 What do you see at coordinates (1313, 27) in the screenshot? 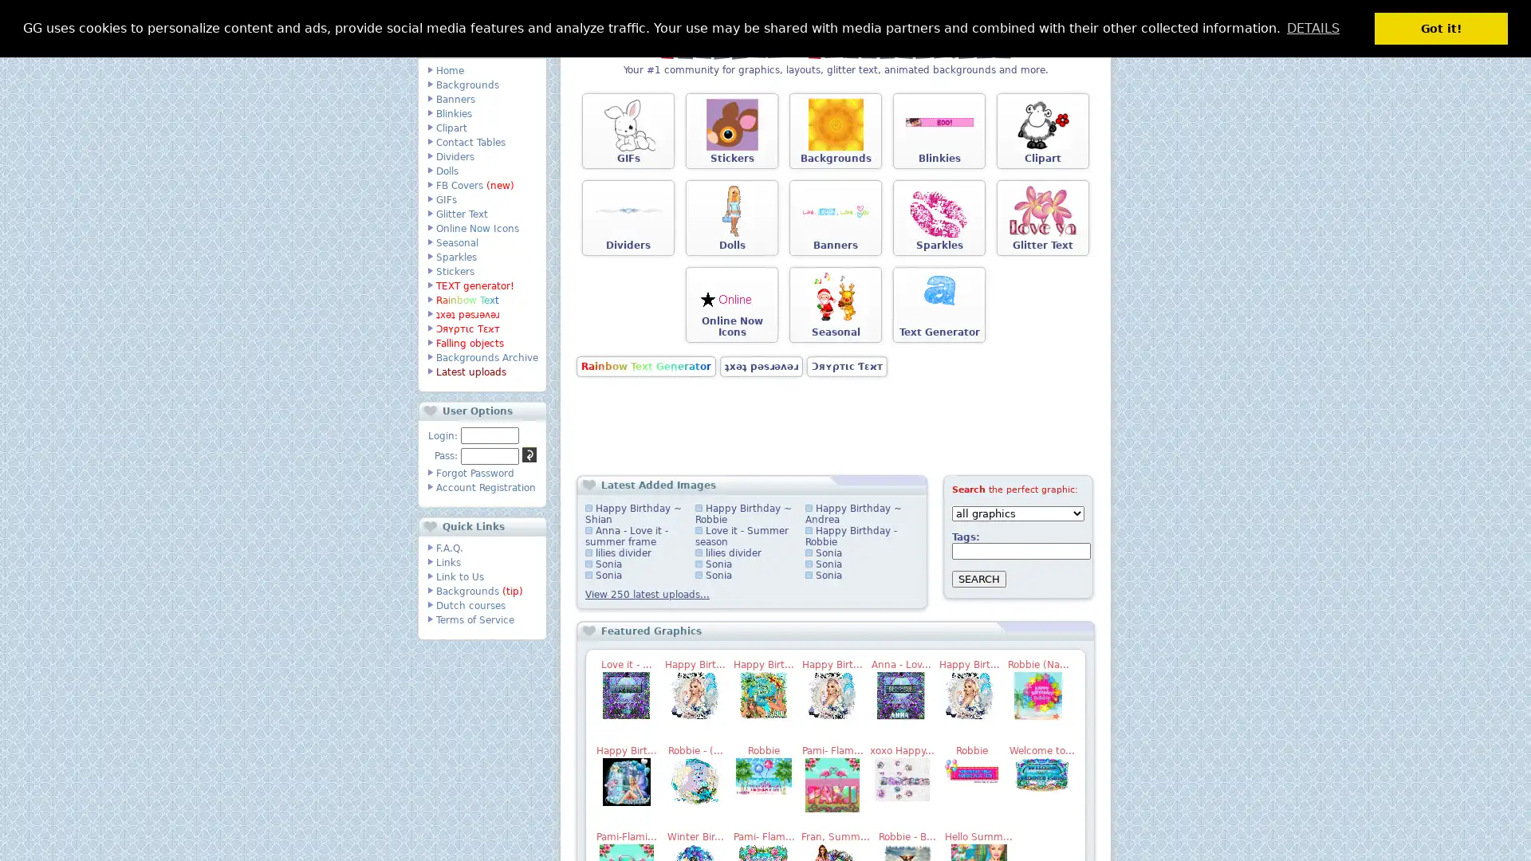
I see `learn more about cookies` at bounding box center [1313, 27].